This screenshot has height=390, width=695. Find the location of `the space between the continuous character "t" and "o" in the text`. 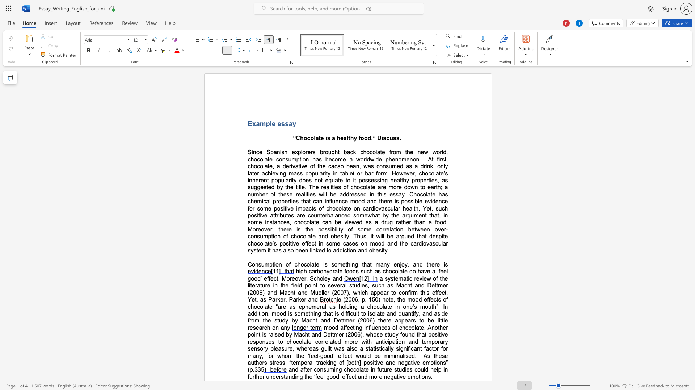

the space between the continuous character "t" and "o" in the text is located at coordinates (393, 292).